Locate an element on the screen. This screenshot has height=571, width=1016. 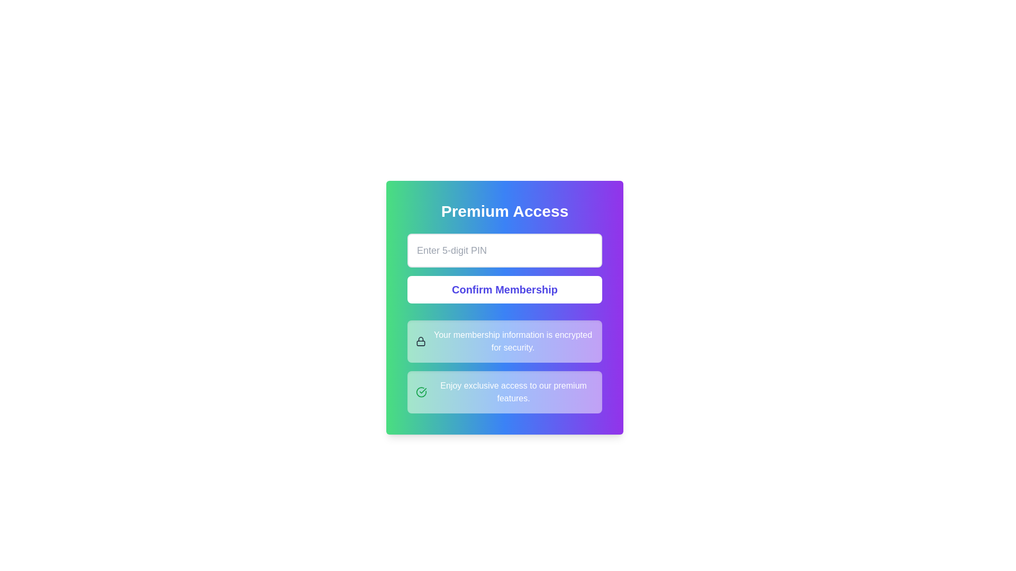
the 'Premium Access' heading which displays bold white text against a vibrant gradient background, located at the top of a card-like layout is located at coordinates (504, 211).